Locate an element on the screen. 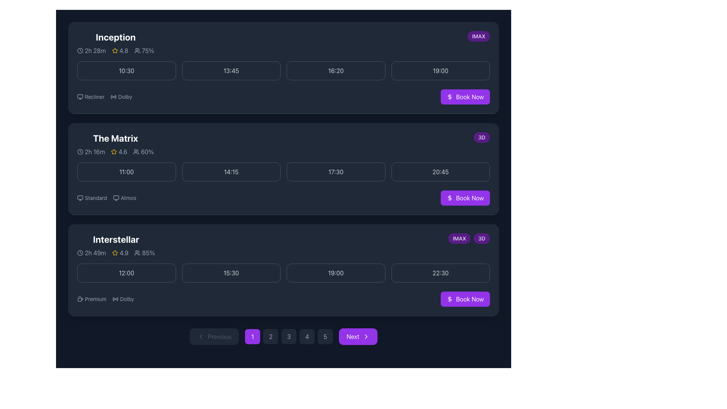 The width and height of the screenshot is (727, 409). the 'Next' button is located at coordinates (358, 336).